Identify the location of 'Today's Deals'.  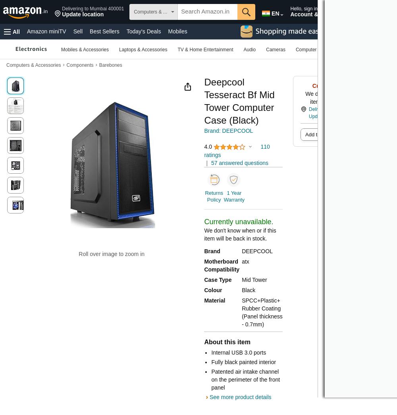
(143, 31).